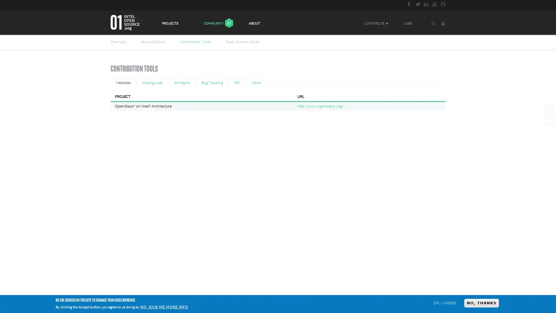 This screenshot has width=556, height=313. Describe the element at coordinates (481, 303) in the screenshot. I see `NO, THANKS` at that location.